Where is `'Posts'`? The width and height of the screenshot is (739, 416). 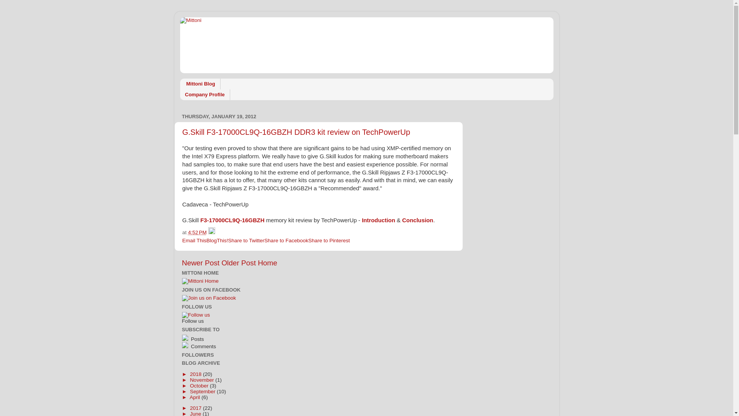 'Posts' is located at coordinates (196, 339).